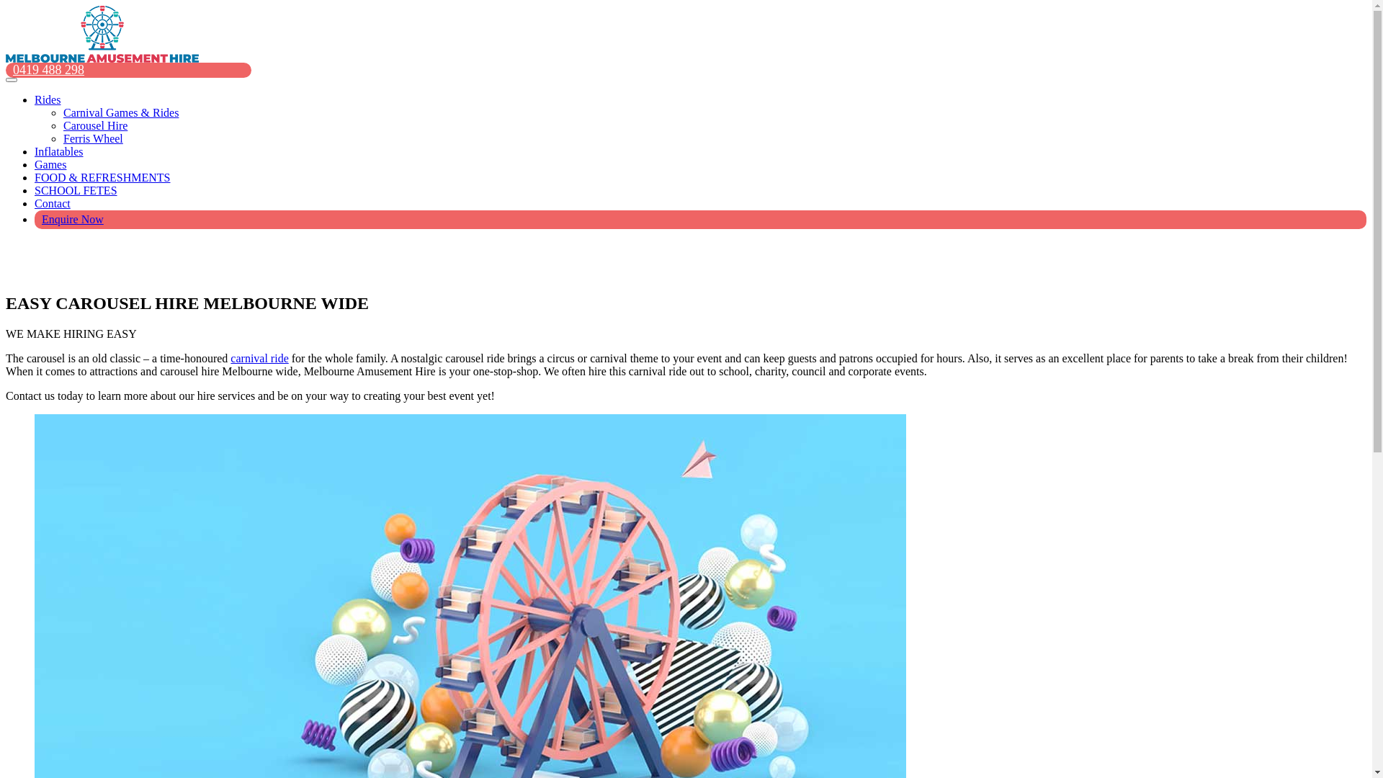  Describe the element at coordinates (50, 164) in the screenshot. I see `'Games'` at that location.